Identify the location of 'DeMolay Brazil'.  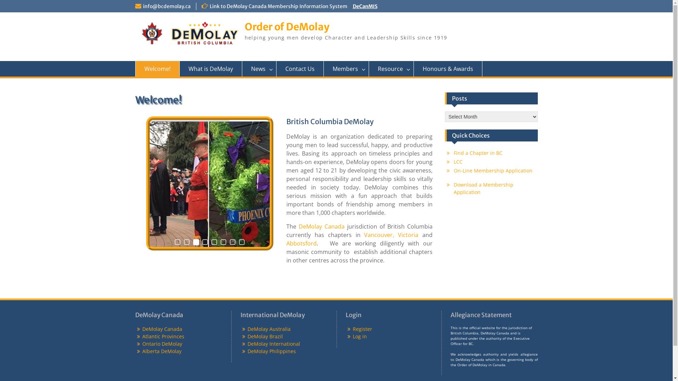
(264, 336).